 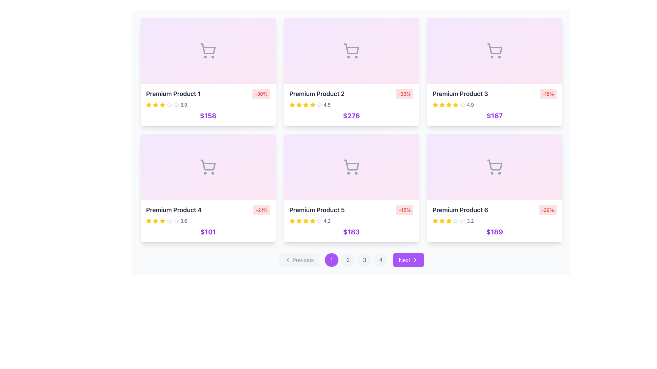 I want to click on the title and discount badge displaying 'Premium Product 4' in the first column of the second row of product cards, so click(x=208, y=209).